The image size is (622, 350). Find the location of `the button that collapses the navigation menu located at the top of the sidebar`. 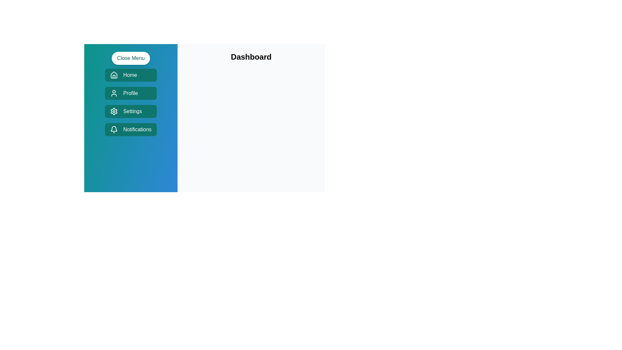

the button that collapses the navigation menu located at the top of the sidebar is located at coordinates (130, 58).